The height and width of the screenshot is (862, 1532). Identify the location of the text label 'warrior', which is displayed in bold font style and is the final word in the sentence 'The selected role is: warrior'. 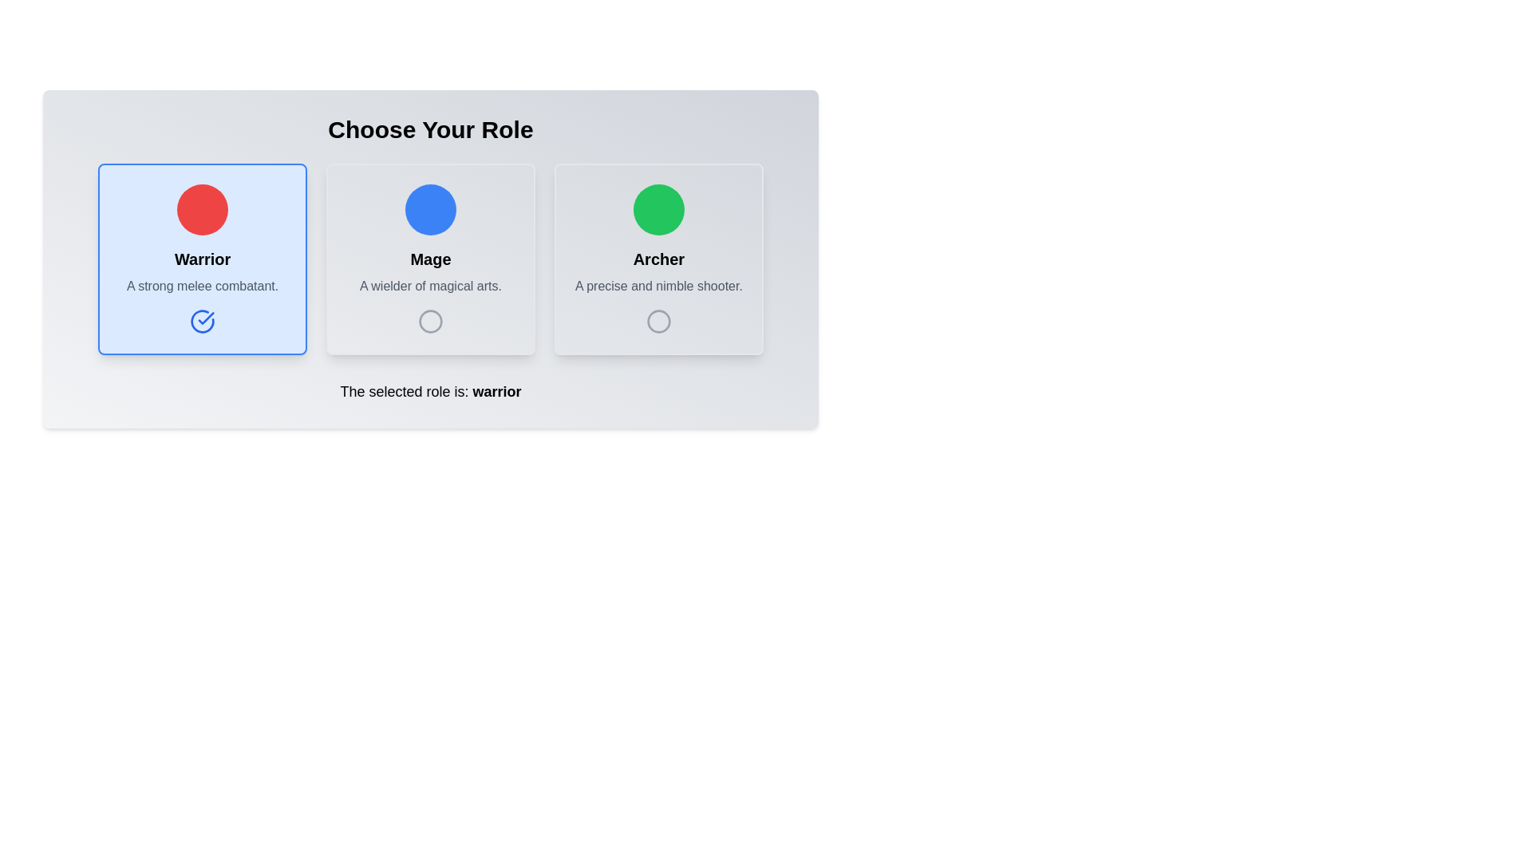
(496, 391).